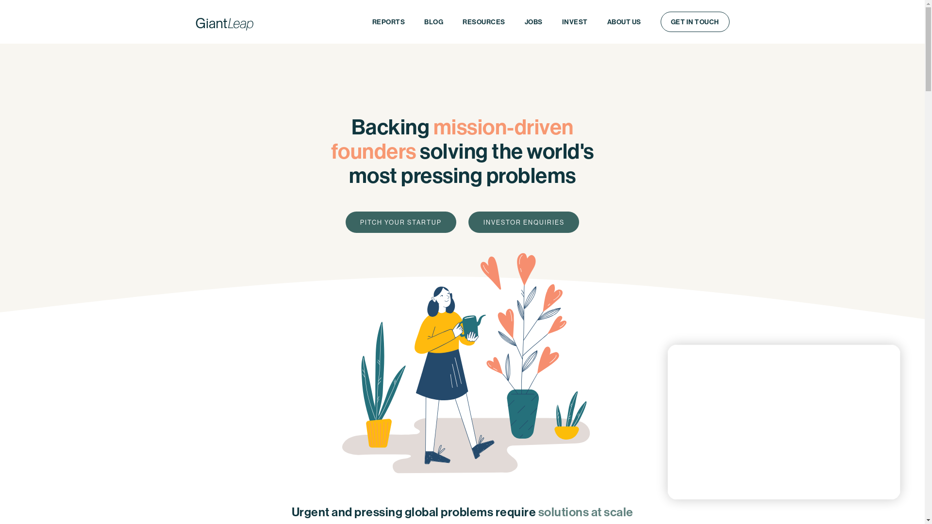 The image size is (932, 524). What do you see at coordinates (575, 22) in the screenshot?
I see `'INVEST'` at bounding box center [575, 22].